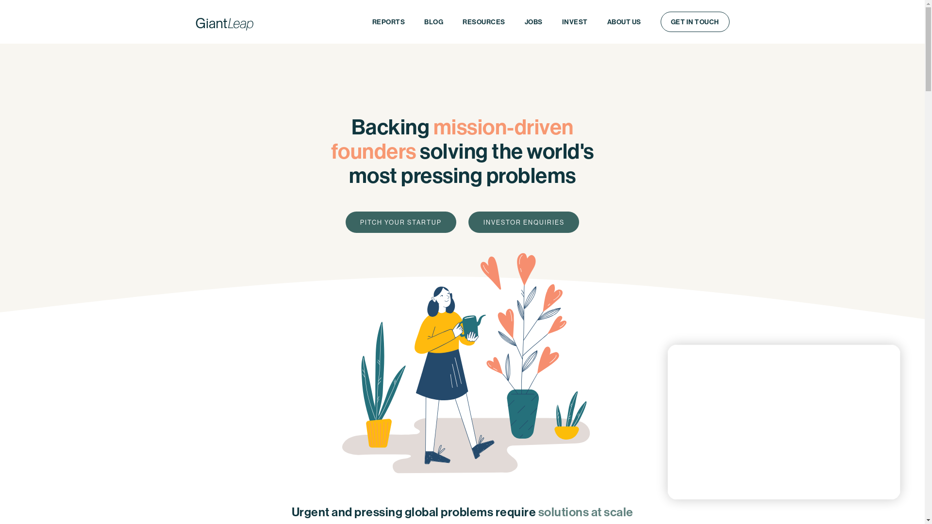 The image size is (932, 524). What do you see at coordinates (575, 22) in the screenshot?
I see `'INVEST'` at bounding box center [575, 22].